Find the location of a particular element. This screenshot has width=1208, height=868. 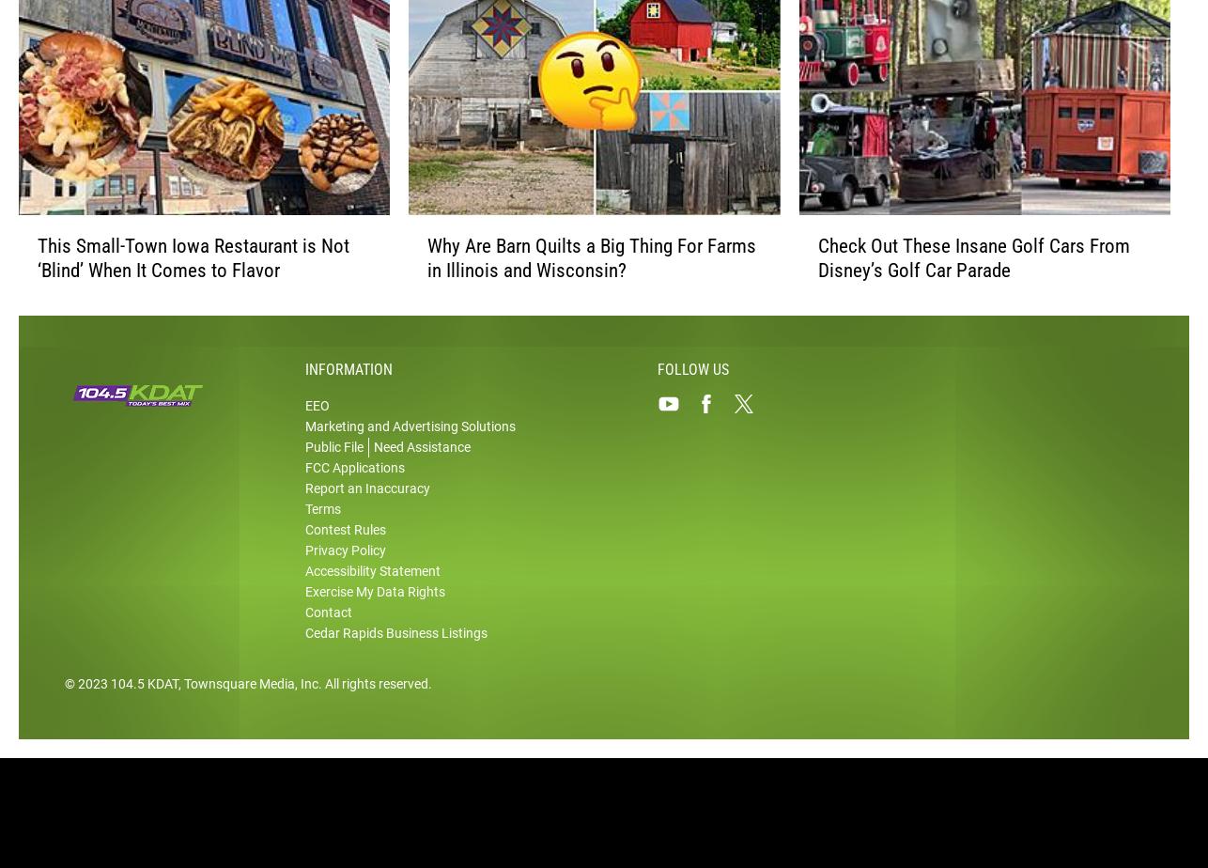

'FCC Applications' is located at coordinates (303, 498).